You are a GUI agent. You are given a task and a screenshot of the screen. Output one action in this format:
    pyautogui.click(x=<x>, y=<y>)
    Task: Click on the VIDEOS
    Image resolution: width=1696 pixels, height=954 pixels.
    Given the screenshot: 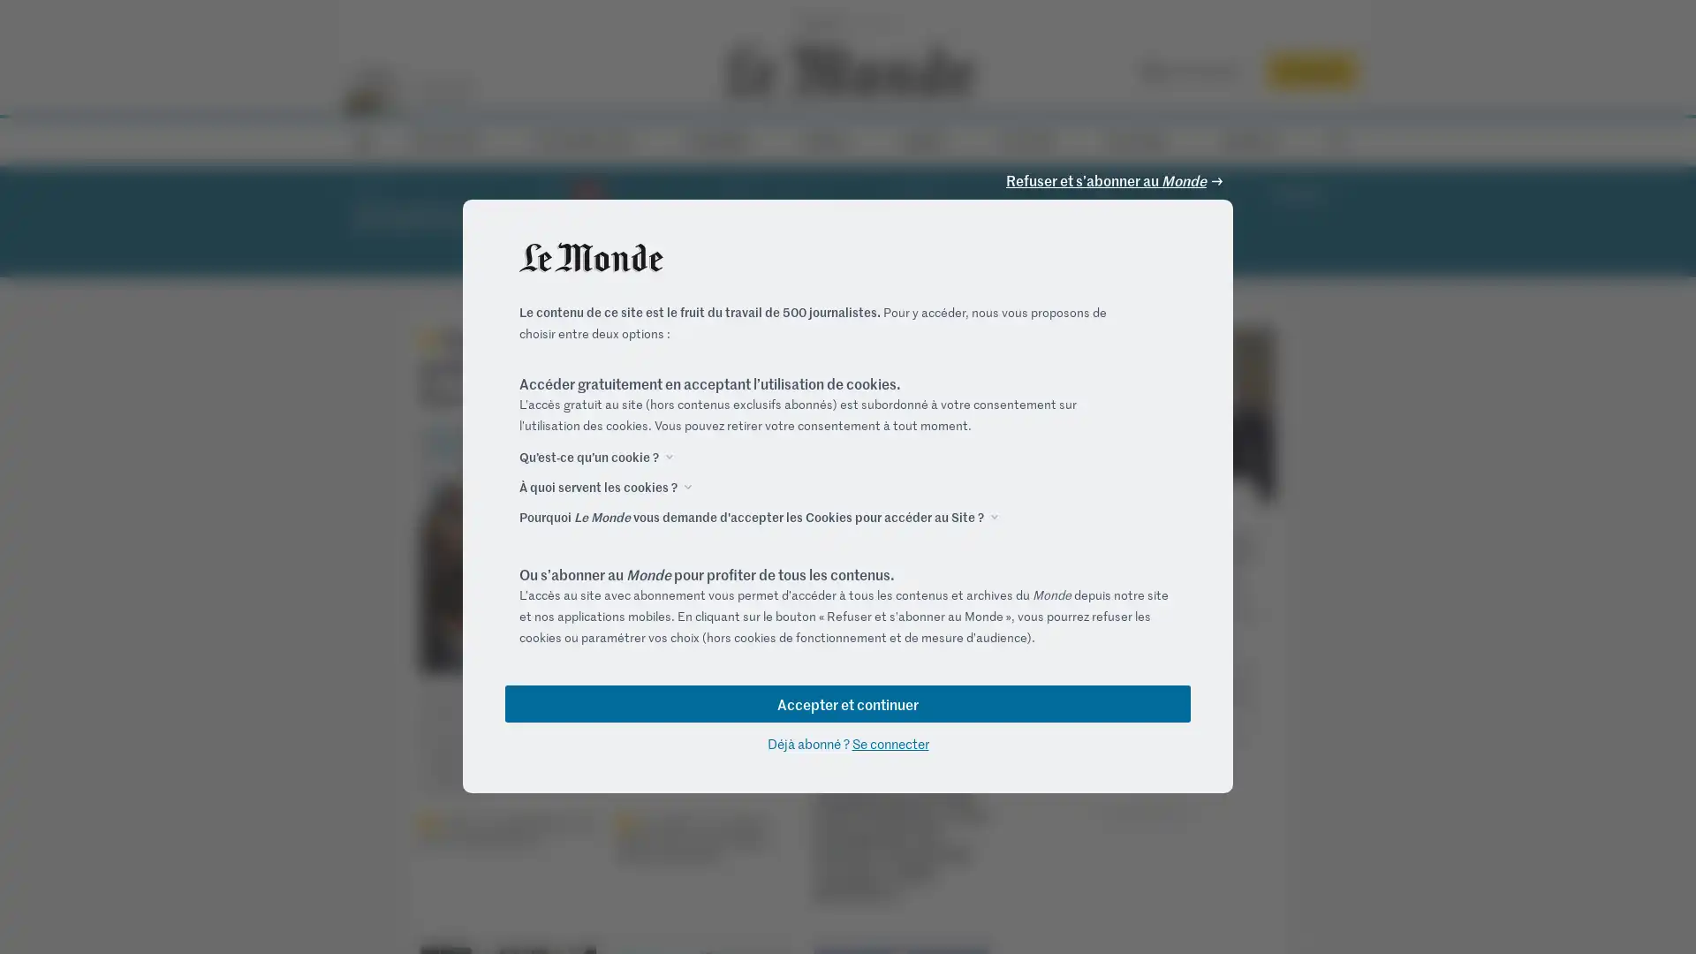 What is the action you would take?
    pyautogui.click(x=831, y=140)
    